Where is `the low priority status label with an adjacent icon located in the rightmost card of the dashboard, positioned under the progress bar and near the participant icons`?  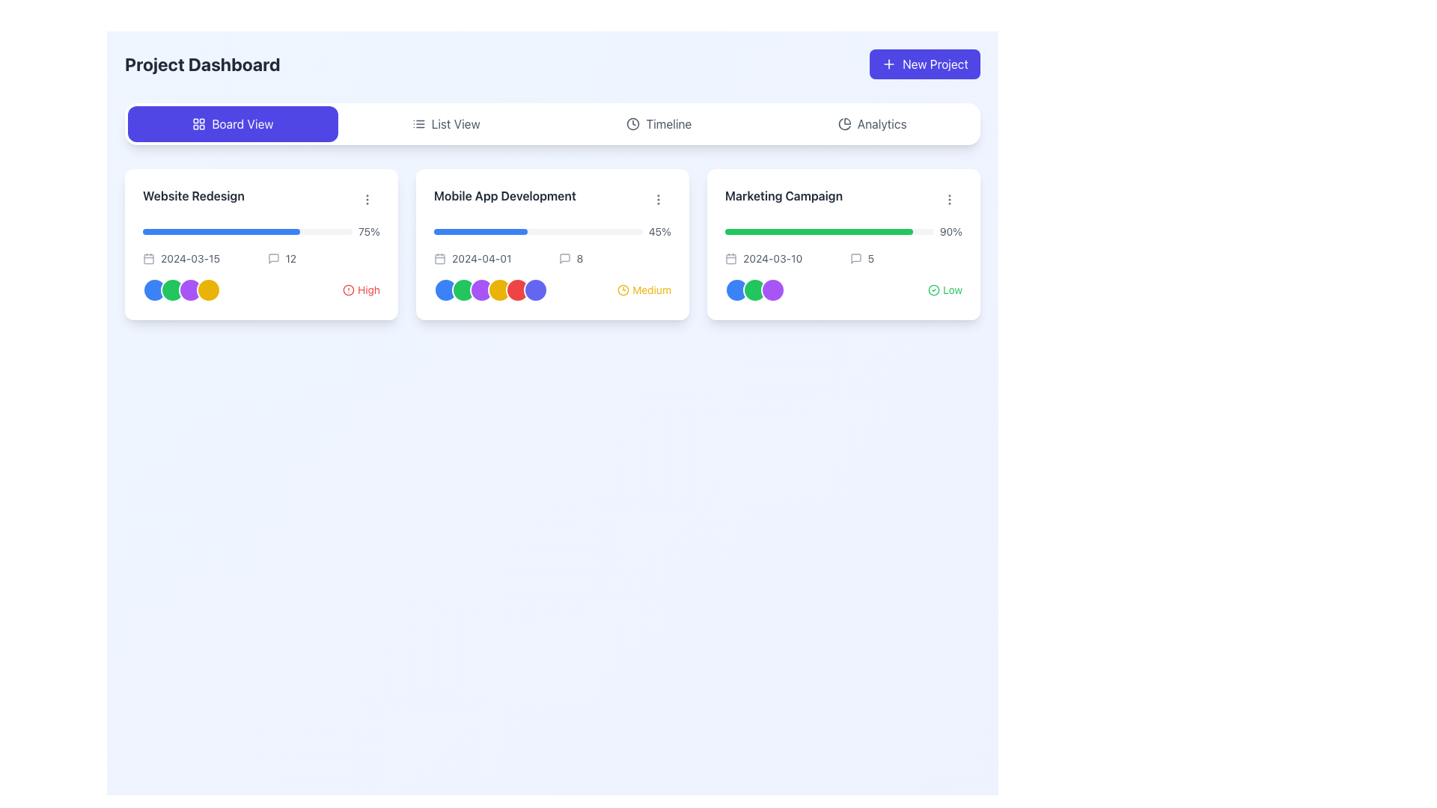
the low priority status label with an adjacent icon located in the rightmost card of the dashboard, positioned under the progress bar and near the participant icons is located at coordinates (944, 290).